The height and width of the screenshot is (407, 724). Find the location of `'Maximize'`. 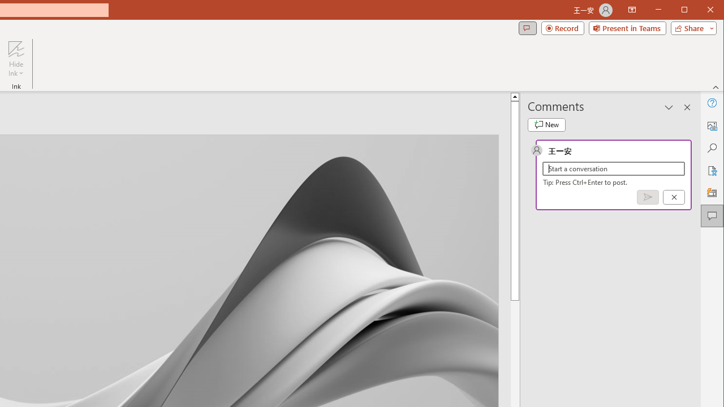

'Maximize' is located at coordinates (700, 11).